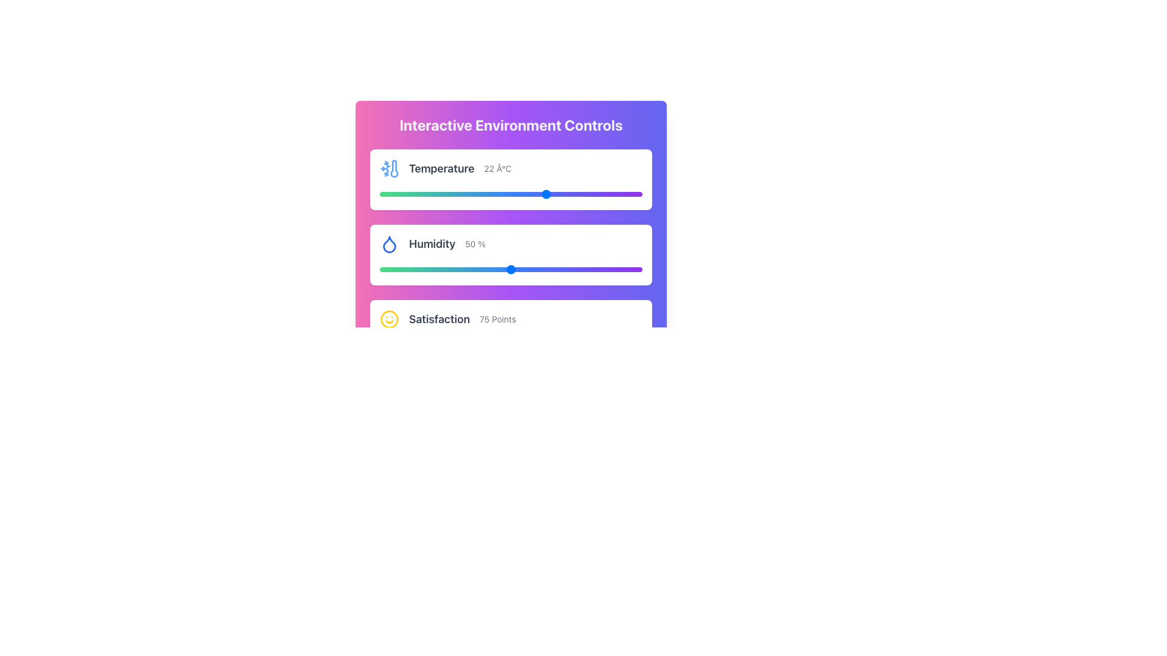 This screenshot has height=656, width=1167. Describe the element at coordinates (382, 268) in the screenshot. I see `humidity` at that location.